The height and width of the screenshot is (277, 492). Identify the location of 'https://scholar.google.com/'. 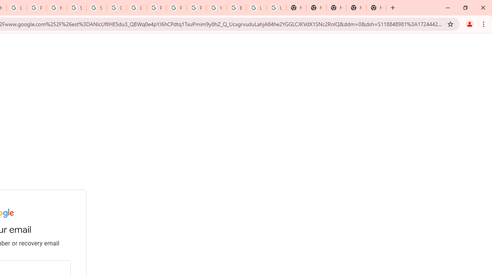
(56, 8).